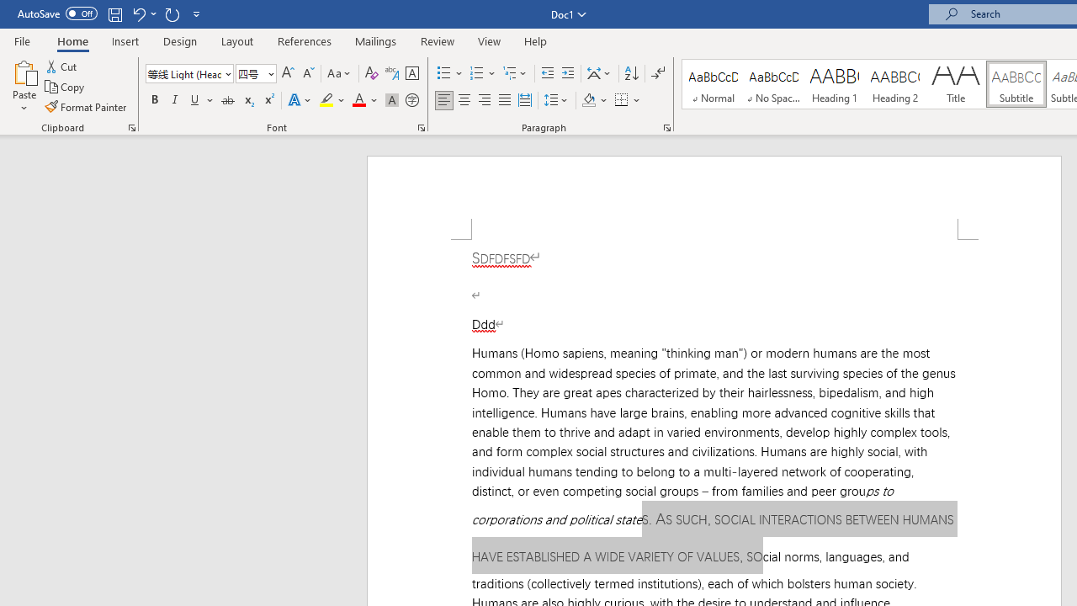 This screenshot has height=606, width=1077. I want to click on 'Font', so click(183, 72).